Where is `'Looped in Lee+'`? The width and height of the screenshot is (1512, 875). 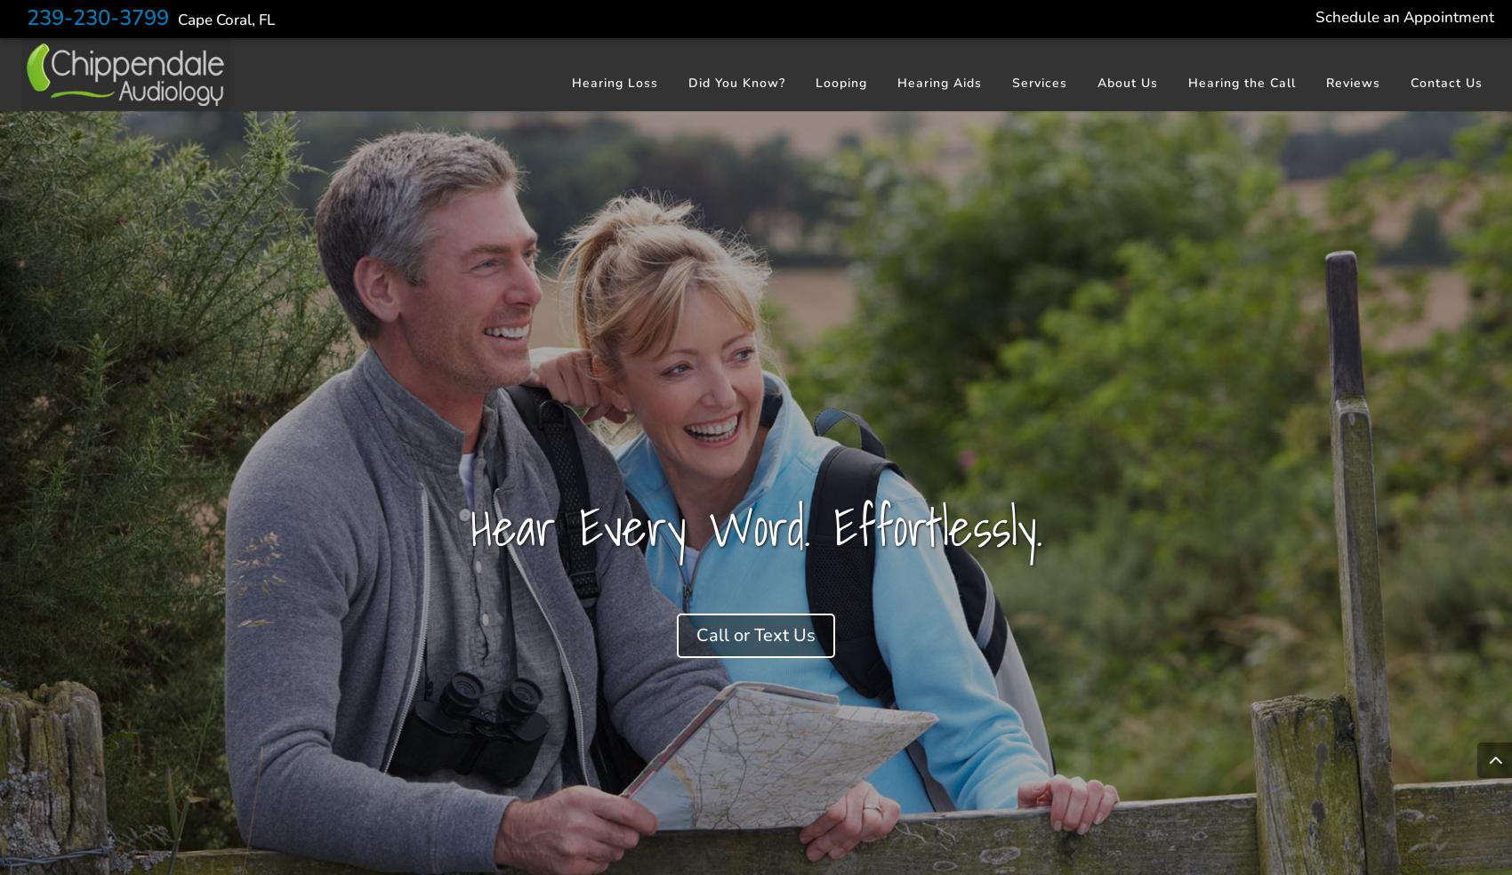
'Looped in Lee+' is located at coordinates (867, 132).